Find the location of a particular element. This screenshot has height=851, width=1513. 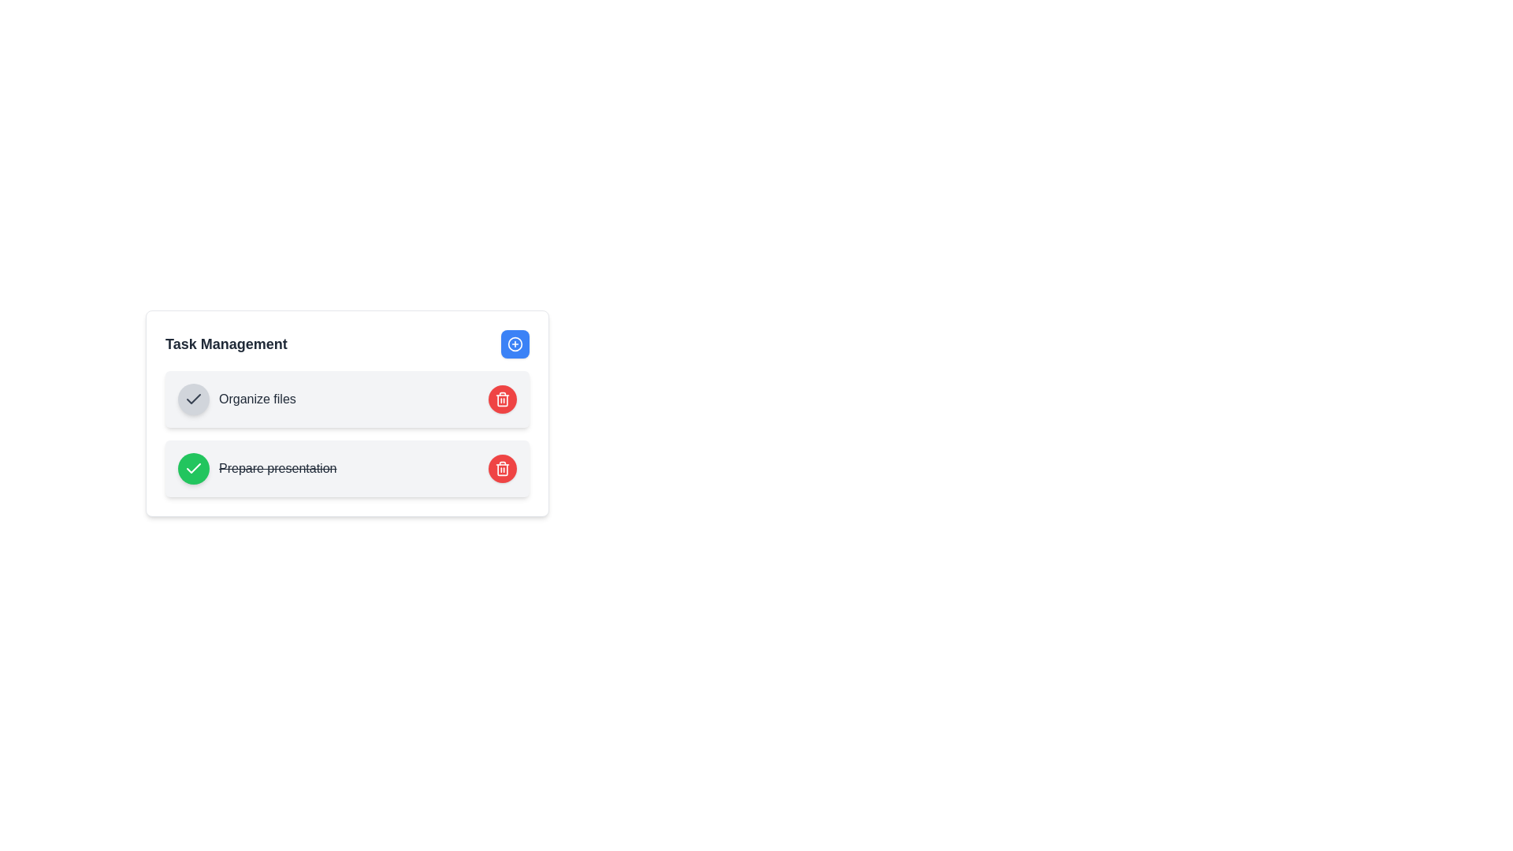

the interactive button for marking 'Organize files' as complete or incomplete is located at coordinates (192, 398).